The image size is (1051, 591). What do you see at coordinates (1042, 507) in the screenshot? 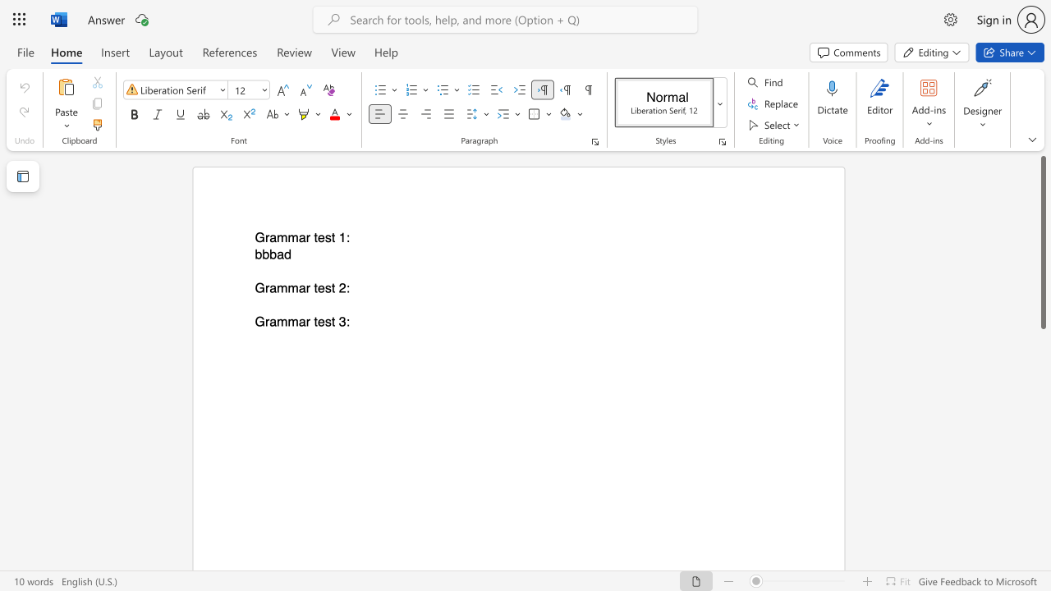
I see `the scrollbar to move the page downward` at bounding box center [1042, 507].